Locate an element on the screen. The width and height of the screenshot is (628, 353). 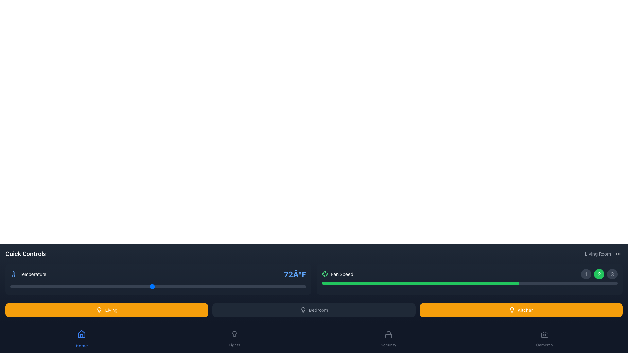
the 'Cameras' button, which is a vertically-arranged group containing a camera icon and the label 'Cameras', located in the bottom right section of the interface after the 'Security' button is located at coordinates (544, 338).